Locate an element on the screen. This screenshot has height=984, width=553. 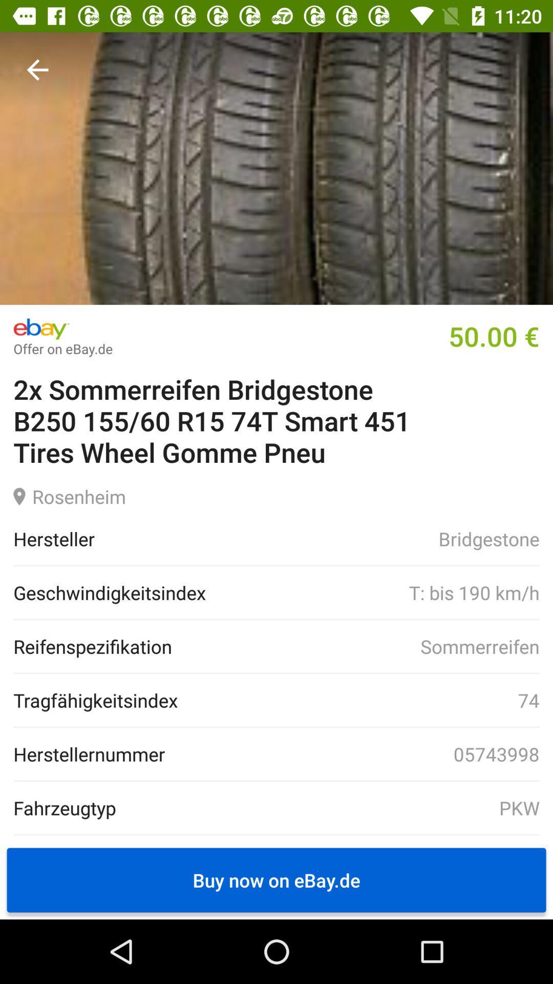
icon next to t bis 190 is located at coordinates (110, 592).